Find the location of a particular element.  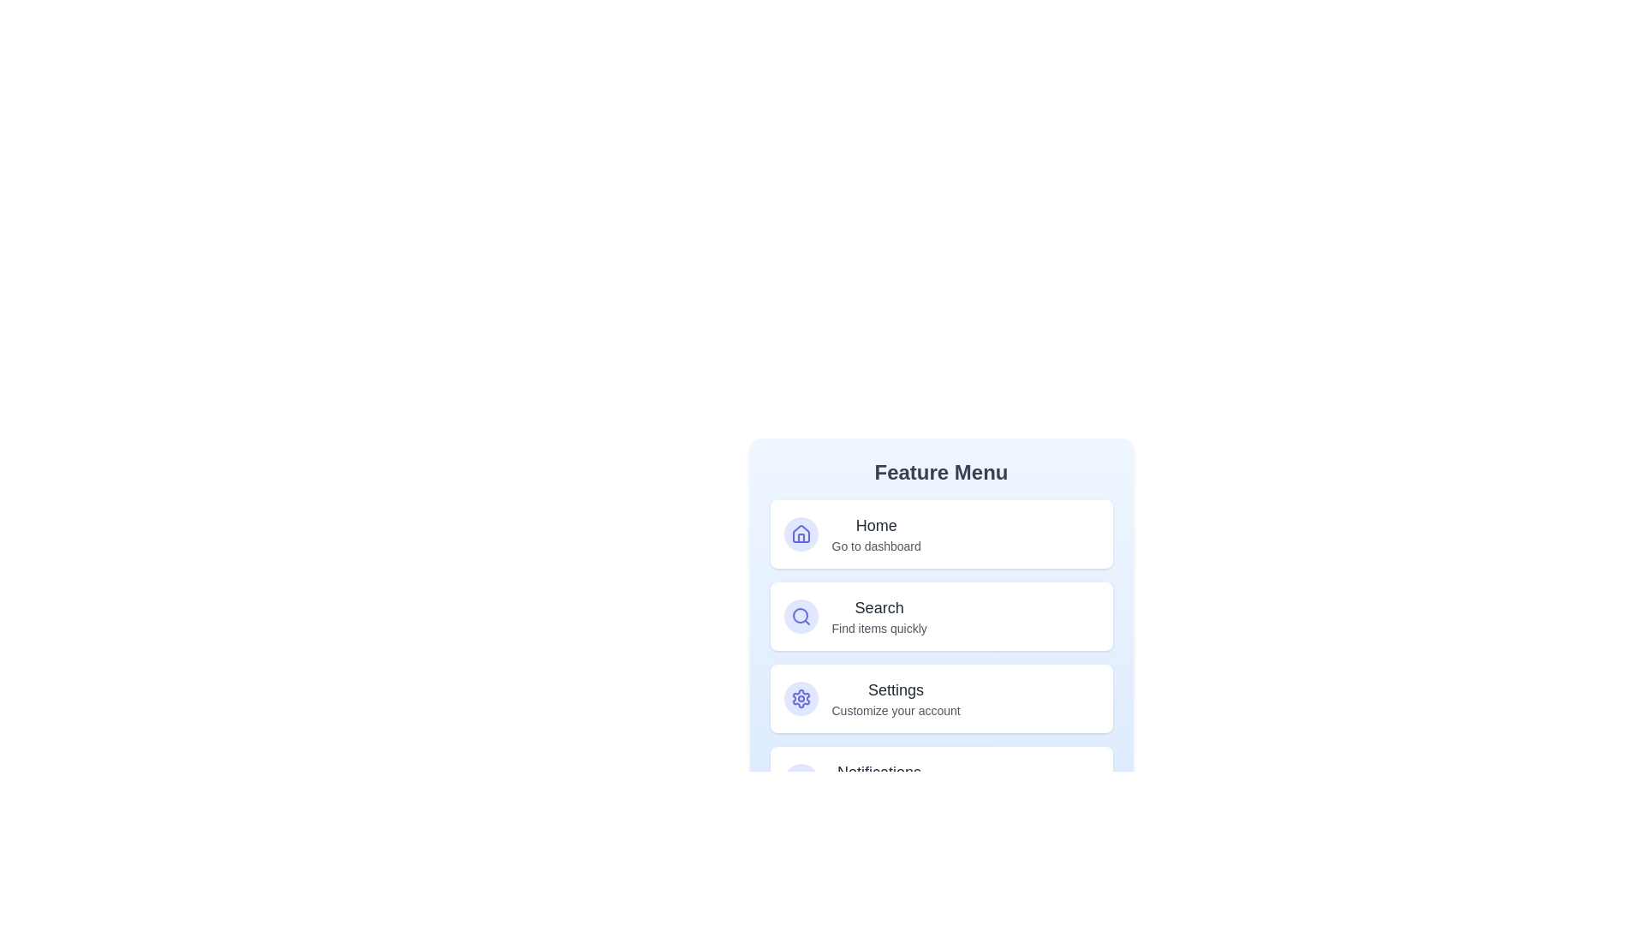

the description of the selected option Settings is located at coordinates (895, 699).